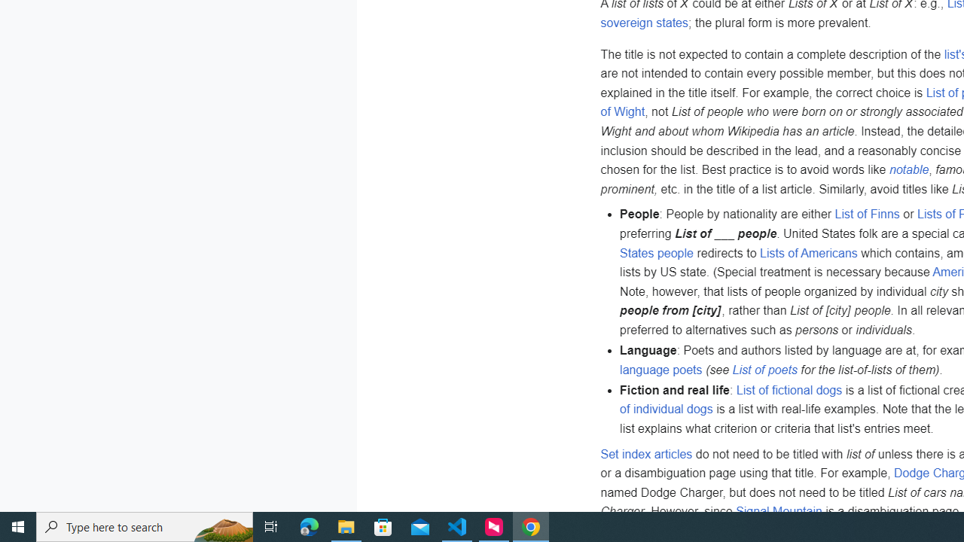 This screenshot has width=964, height=542. What do you see at coordinates (646, 453) in the screenshot?
I see `'Set index articles'` at bounding box center [646, 453].